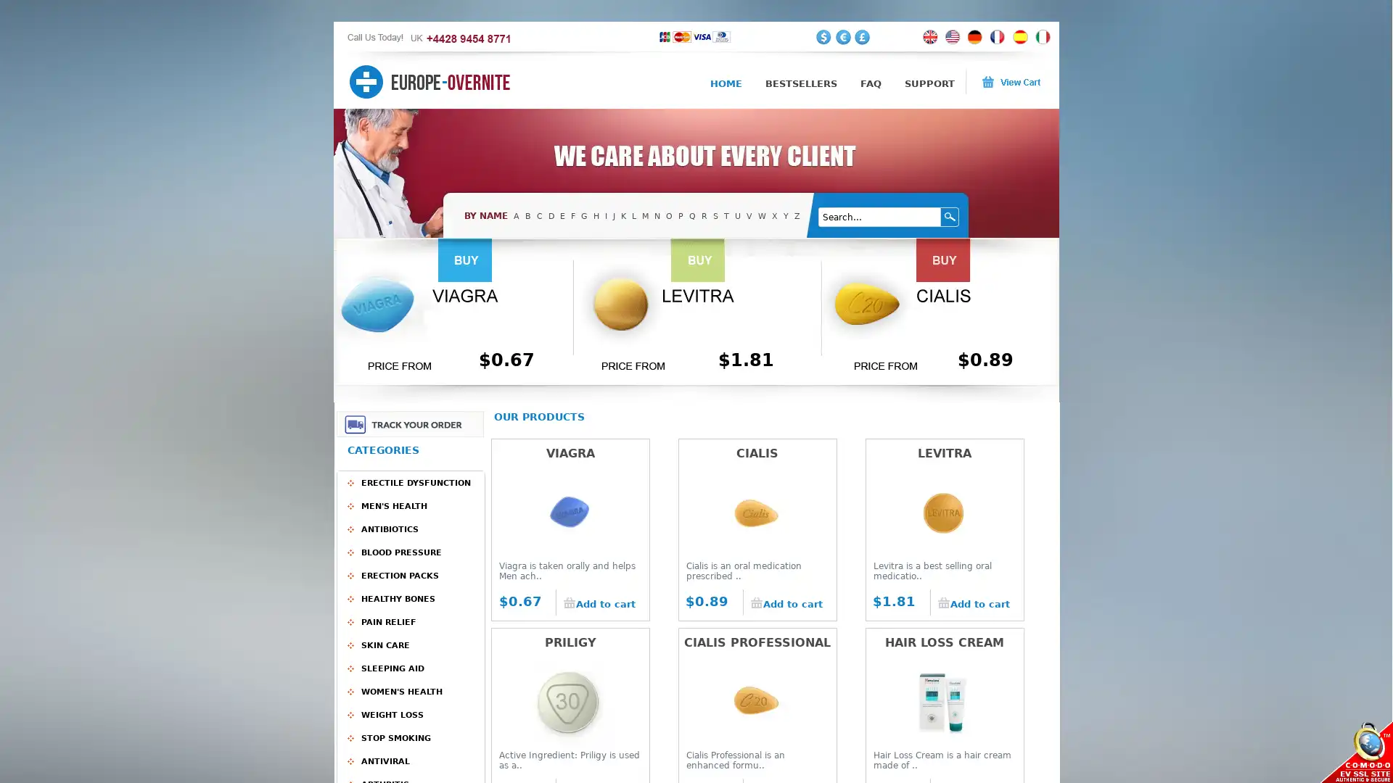  I want to click on ., so click(950, 217).